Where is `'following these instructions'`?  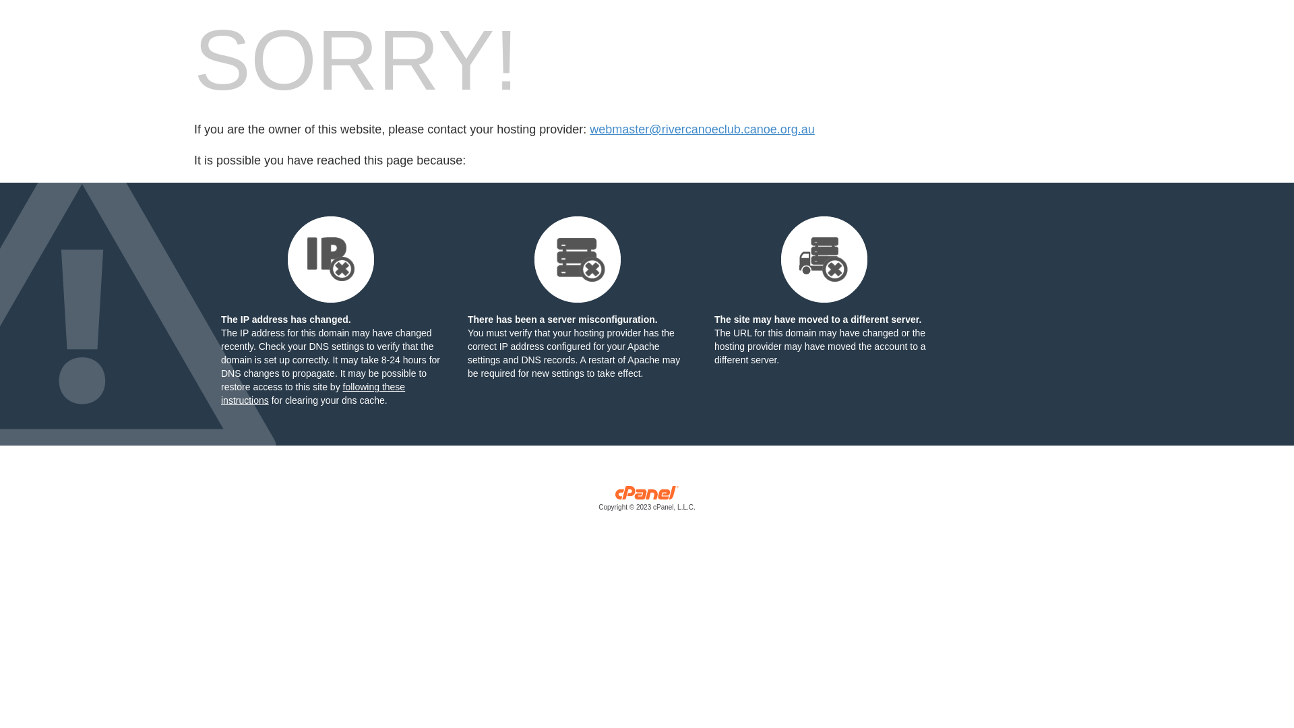 'following these instructions' is located at coordinates (312, 393).